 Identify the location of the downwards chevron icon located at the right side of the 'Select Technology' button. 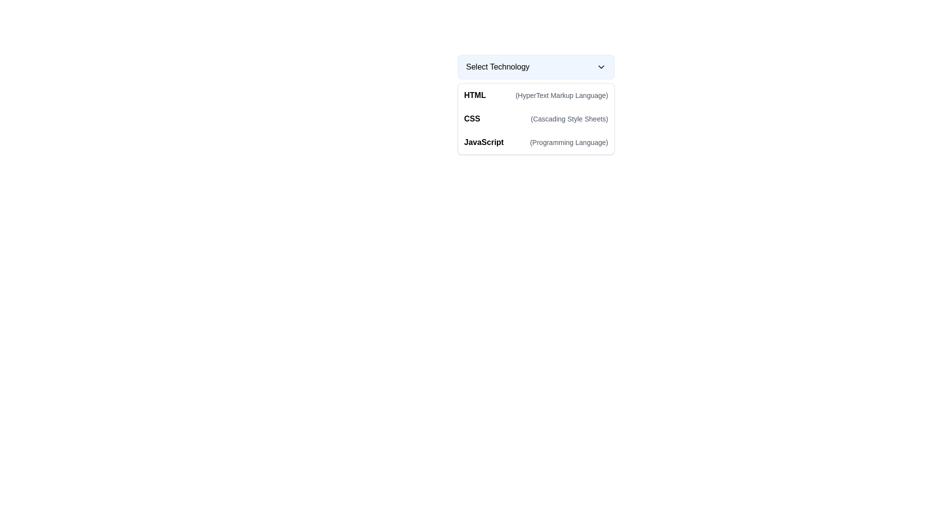
(601, 67).